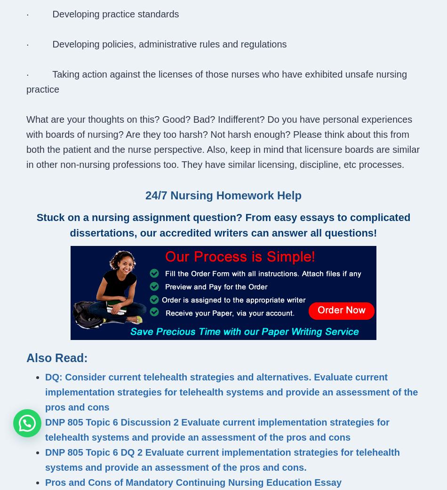 The width and height of the screenshot is (447, 490). I want to click on '·         Developing policies, administrative rules and regulations', so click(26, 44).